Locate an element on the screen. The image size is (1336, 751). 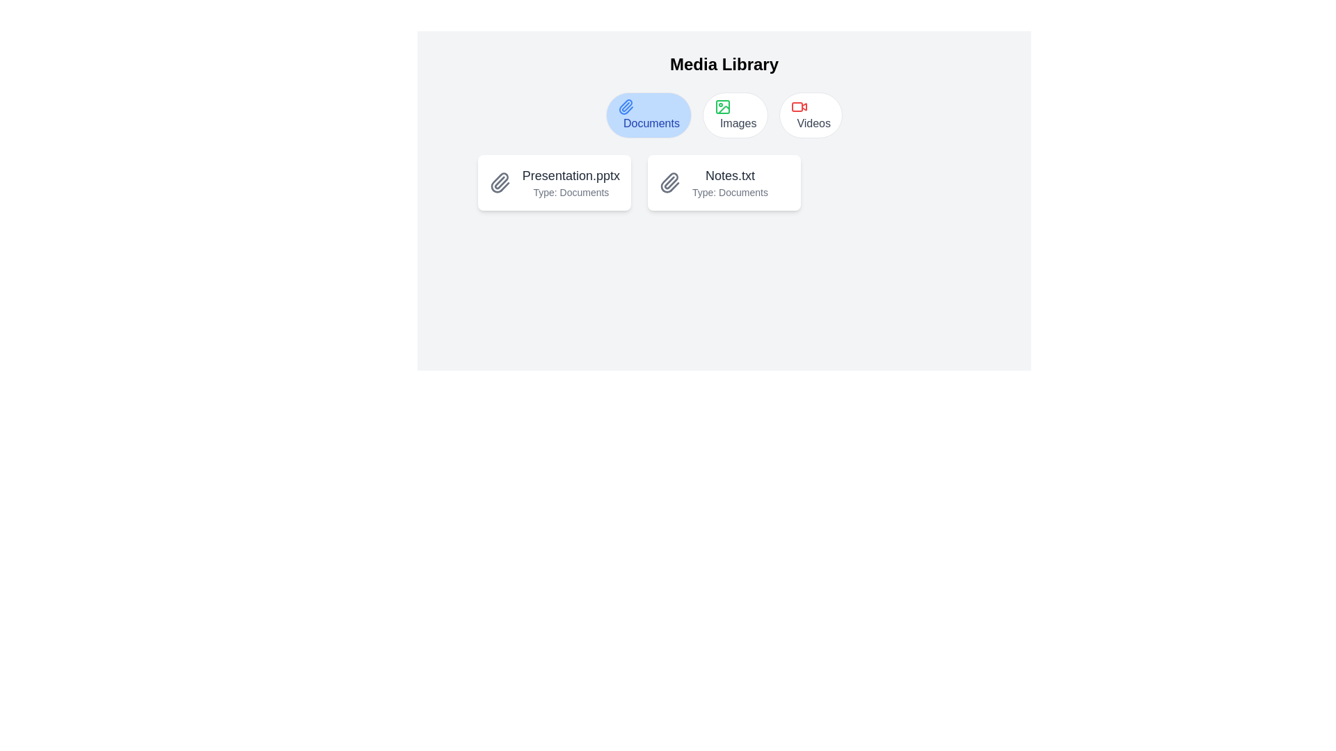
the 'Videos' text label, which is located inside a circular button to the right of the 'Documents' and 'Images' buttons, and below a small camera icon is located at coordinates (813, 122).